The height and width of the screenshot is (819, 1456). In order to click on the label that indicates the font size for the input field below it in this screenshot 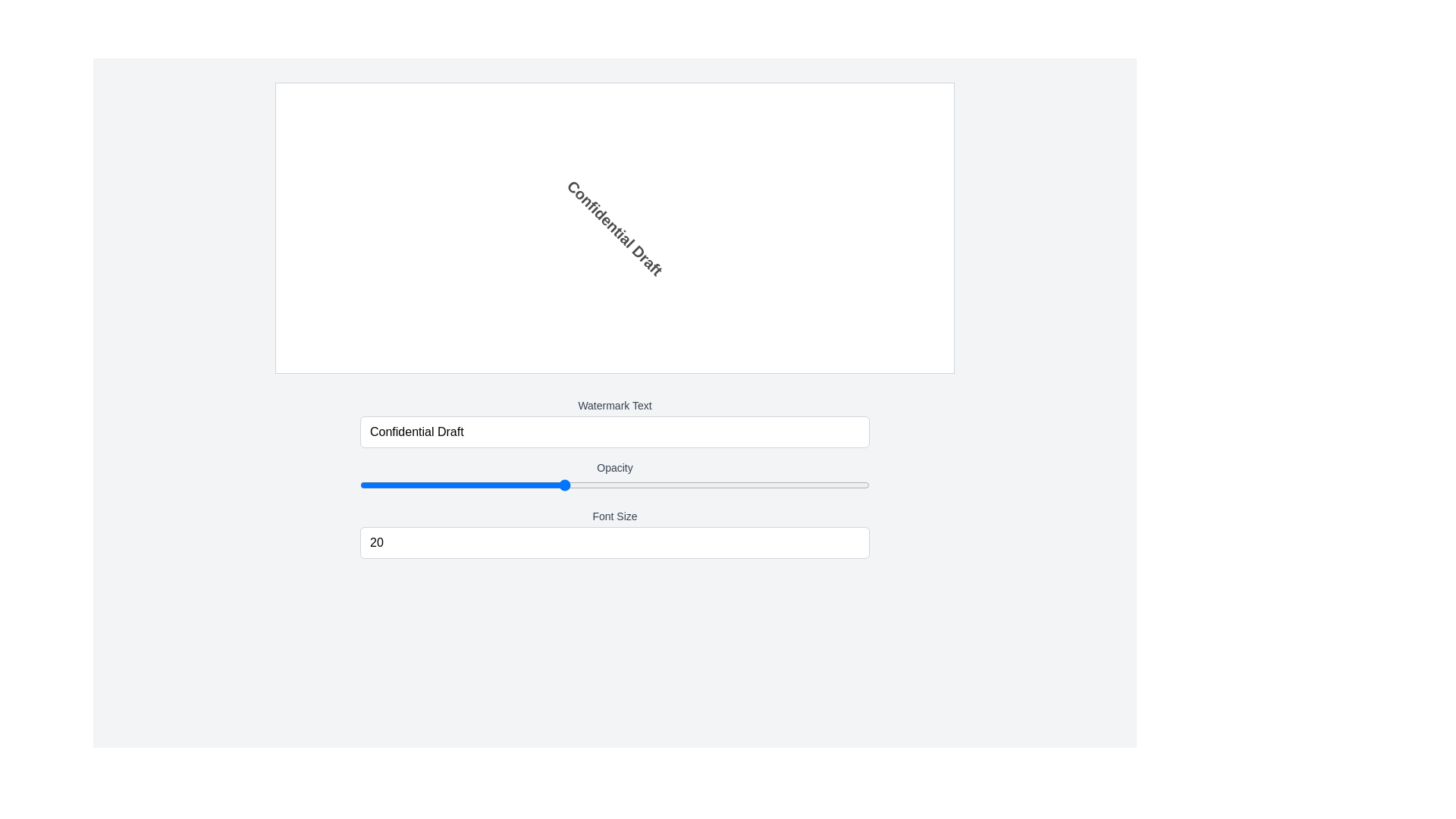, I will do `click(615, 516)`.